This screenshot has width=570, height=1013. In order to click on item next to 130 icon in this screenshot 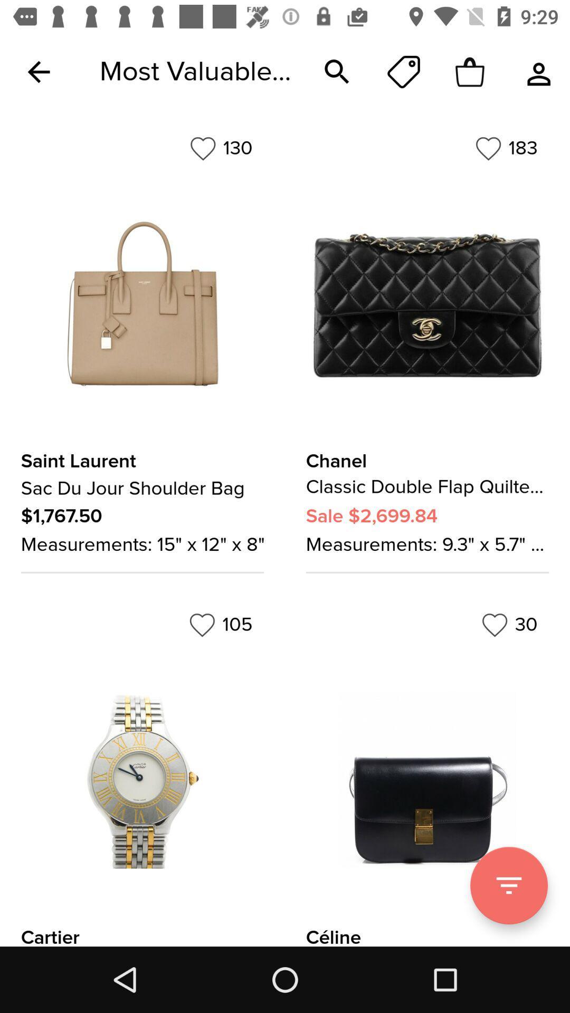, I will do `click(506, 148)`.